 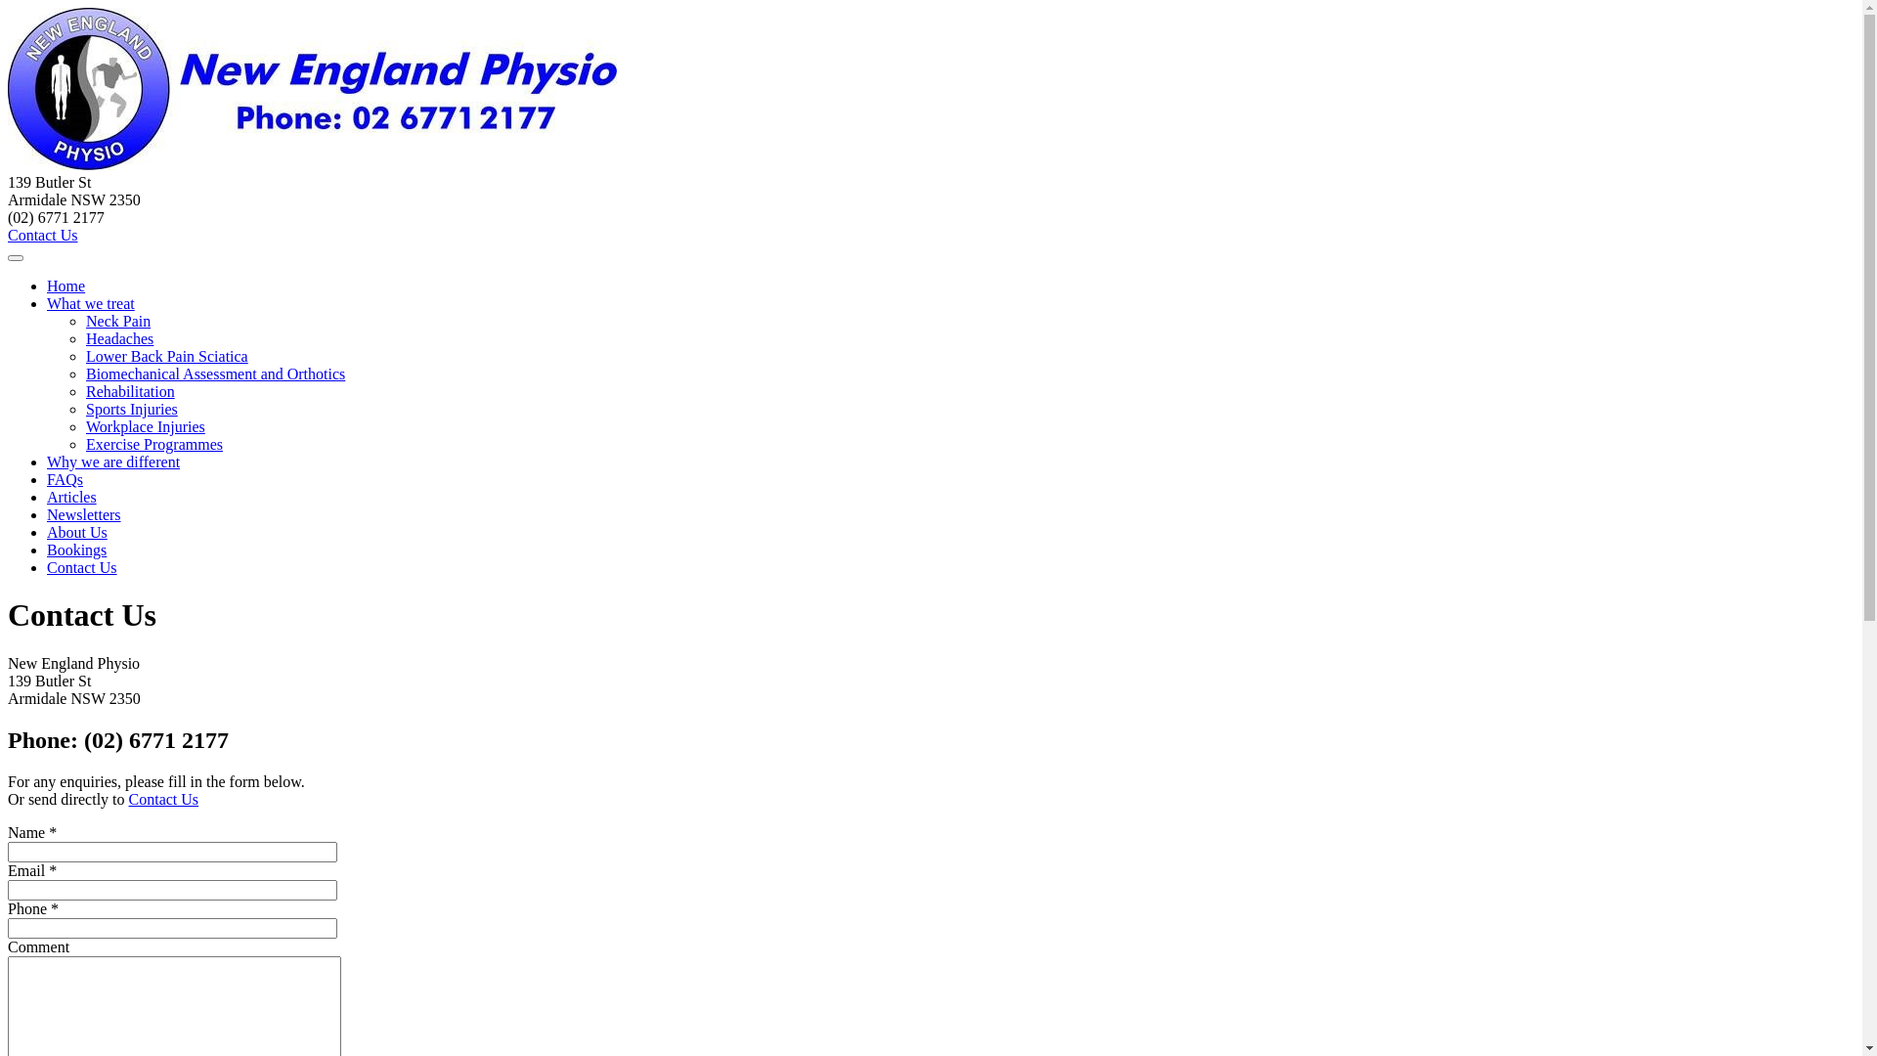 What do you see at coordinates (153, 444) in the screenshot?
I see `'Exercise Programmes'` at bounding box center [153, 444].